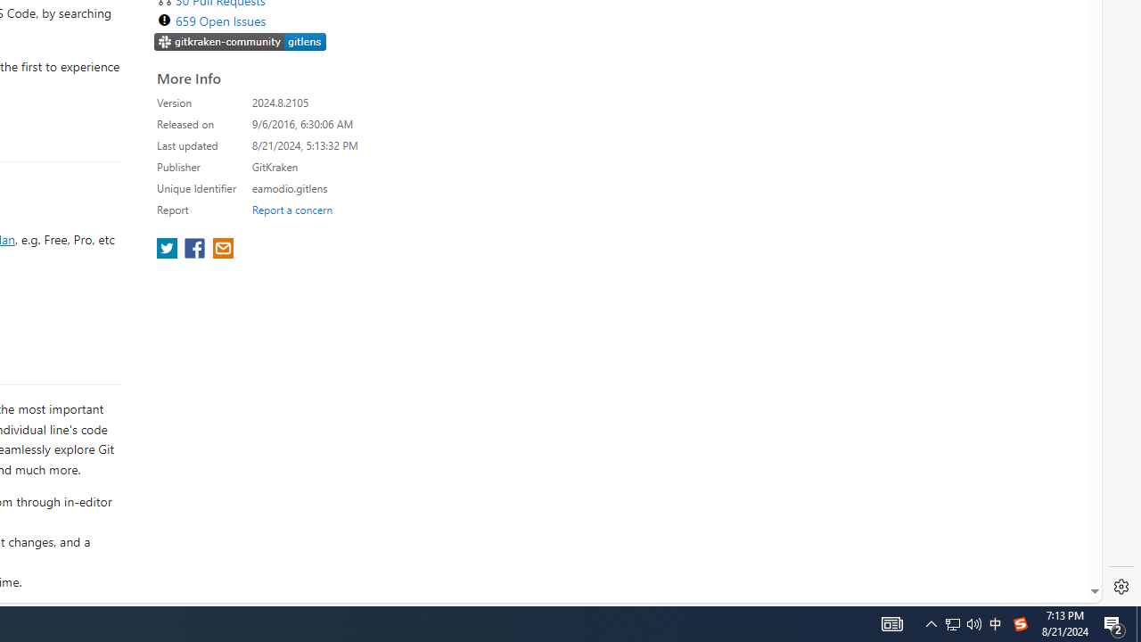 This screenshot has width=1141, height=642. Describe the element at coordinates (221, 250) in the screenshot. I see `'share extension on email'` at that location.